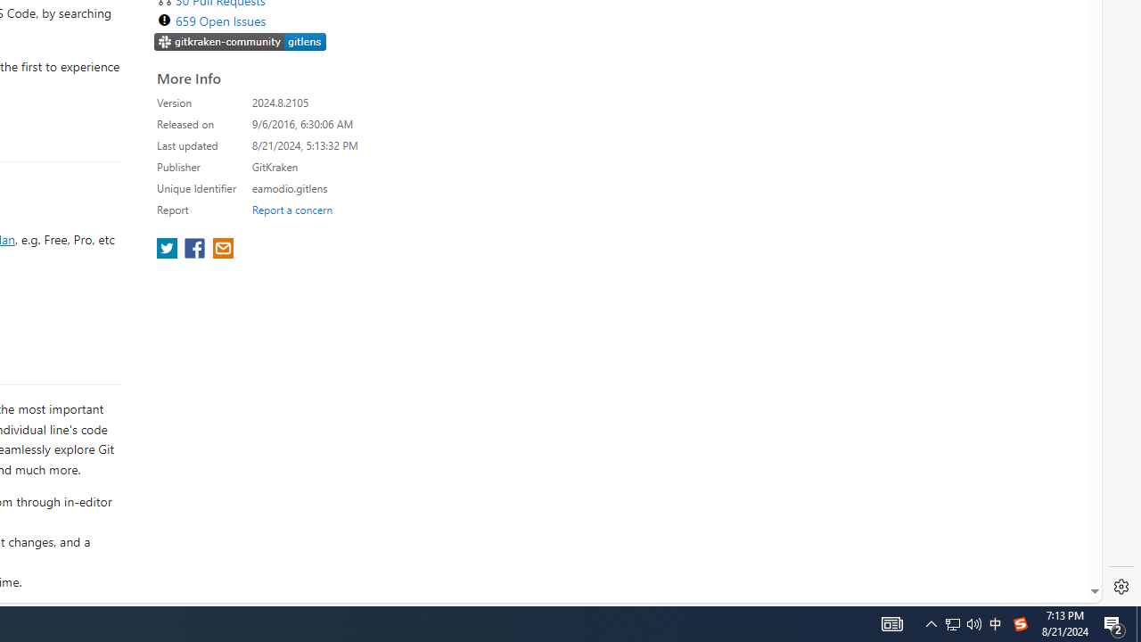 This screenshot has width=1141, height=642. Describe the element at coordinates (221, 250) in the screenshot. I see `'share extension on email'` at that location.